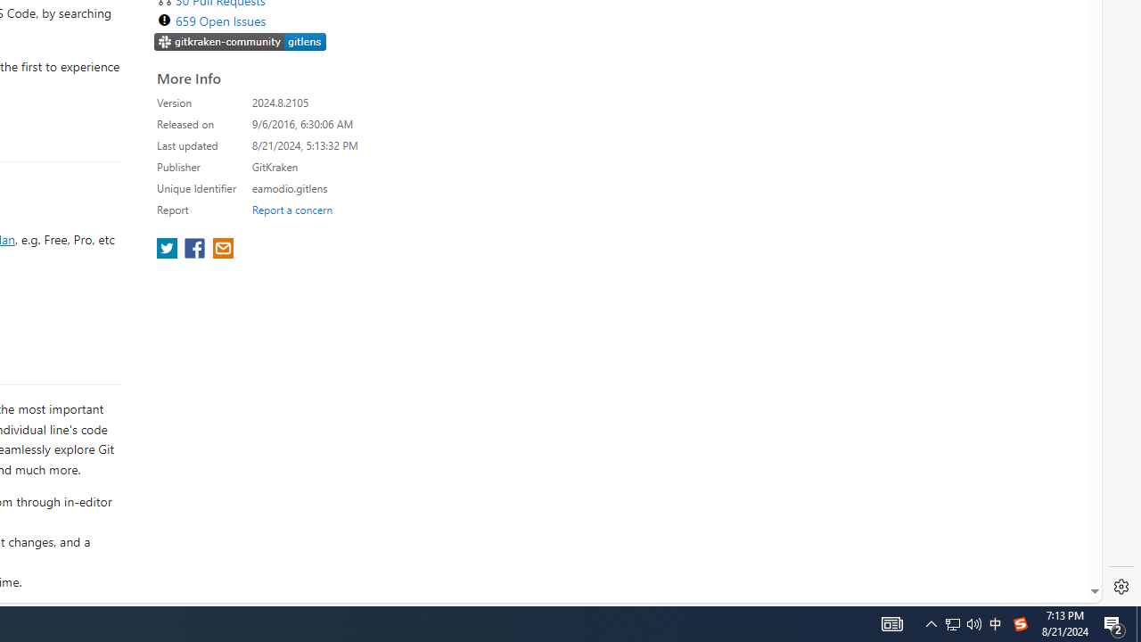 This screenshot has width=1141, height=642. Describe the element at coordinates (221, 250) in the screenshot. I see `'share extension on email'` at that location.